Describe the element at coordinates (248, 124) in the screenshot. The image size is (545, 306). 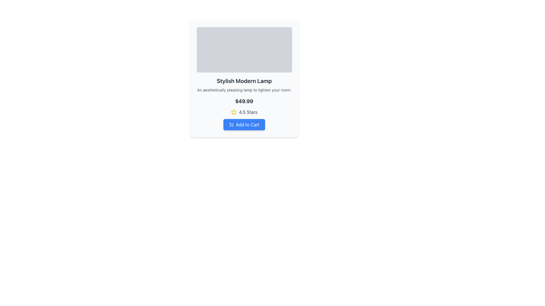
I see `text labeled 'Add to Cart' which is displayed in white font on a blue background, located at the lower center of the product card` at that location.